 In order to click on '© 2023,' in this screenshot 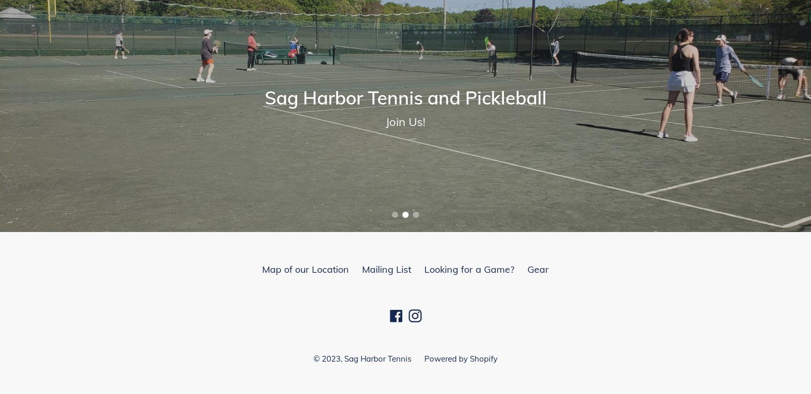, I will do `click(328, 357)`.